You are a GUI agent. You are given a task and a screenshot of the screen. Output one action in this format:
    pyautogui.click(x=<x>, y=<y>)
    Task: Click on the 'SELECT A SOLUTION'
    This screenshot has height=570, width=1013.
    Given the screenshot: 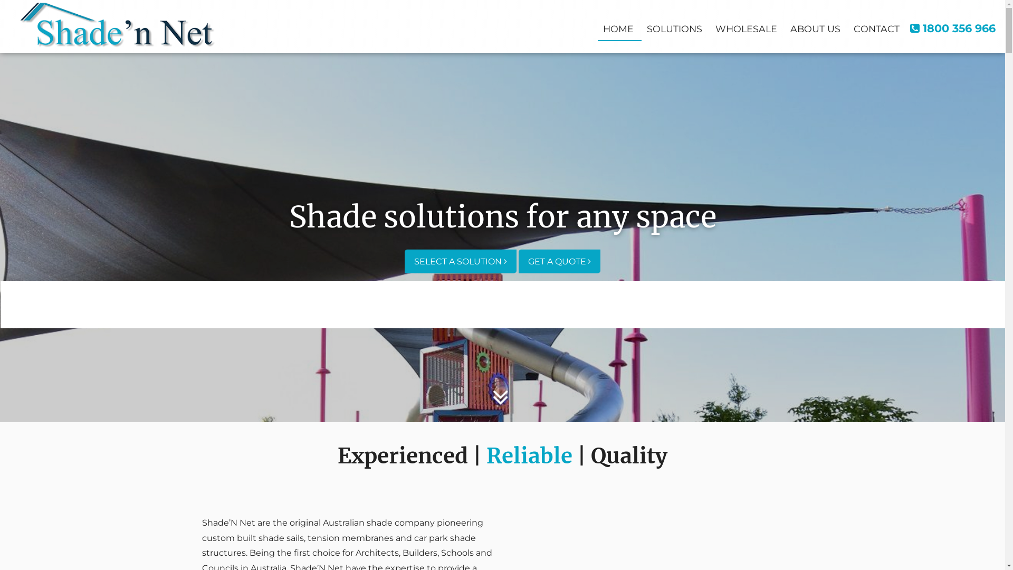 What is the action you would take?
    pyautogui.click(x=404, y=261)
    